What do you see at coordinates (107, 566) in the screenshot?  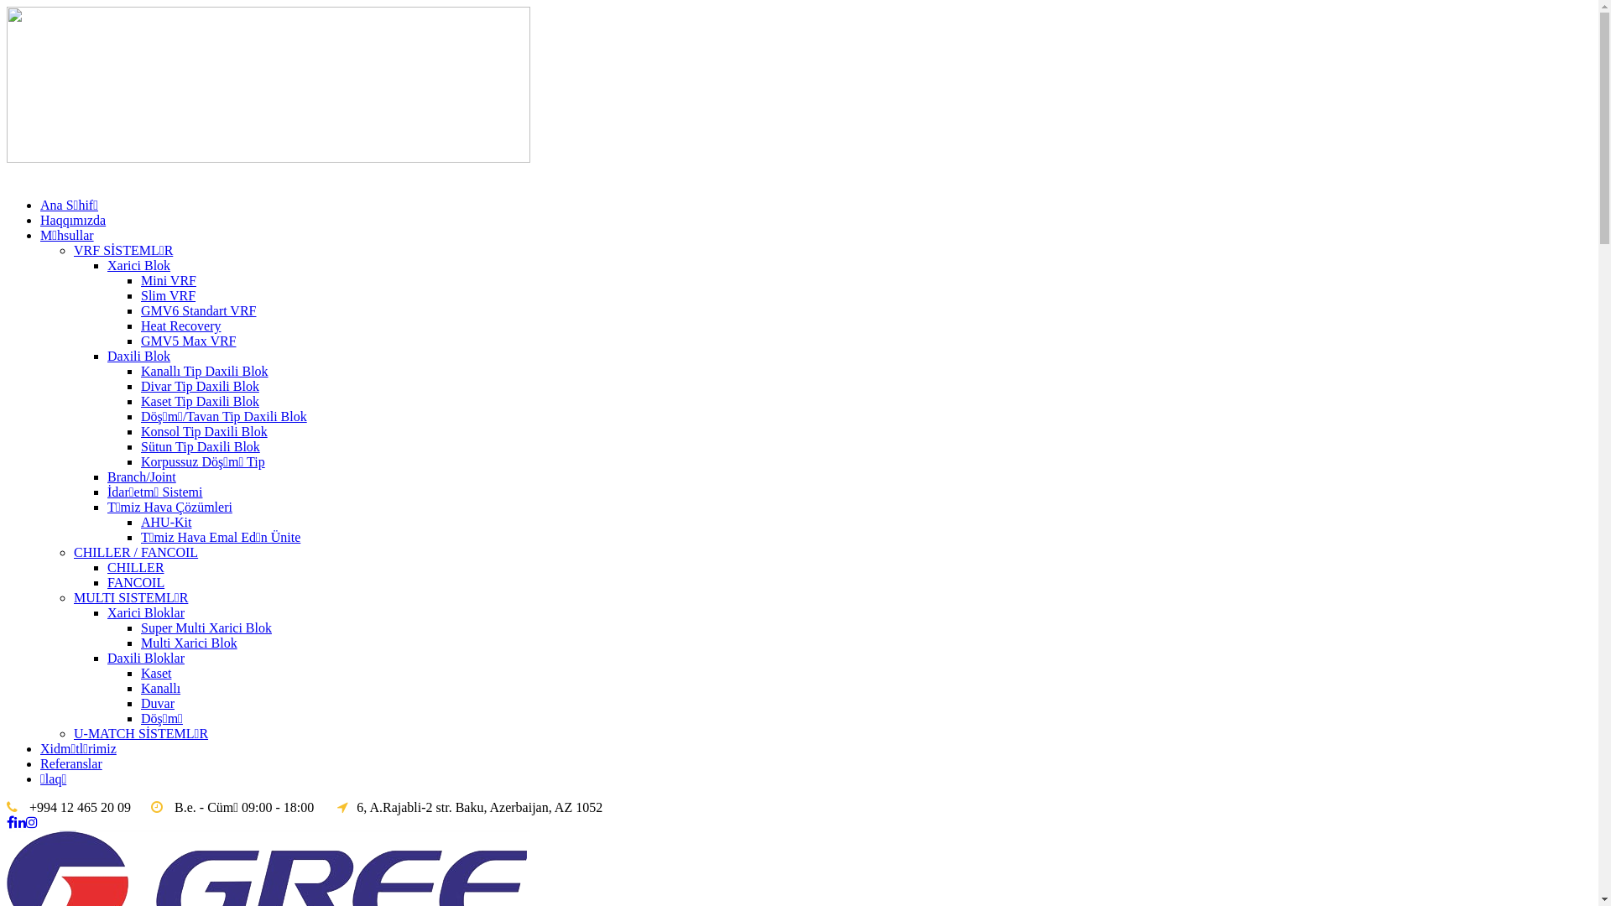 I see `'CHILLER'` at bounding box center [107, 566].